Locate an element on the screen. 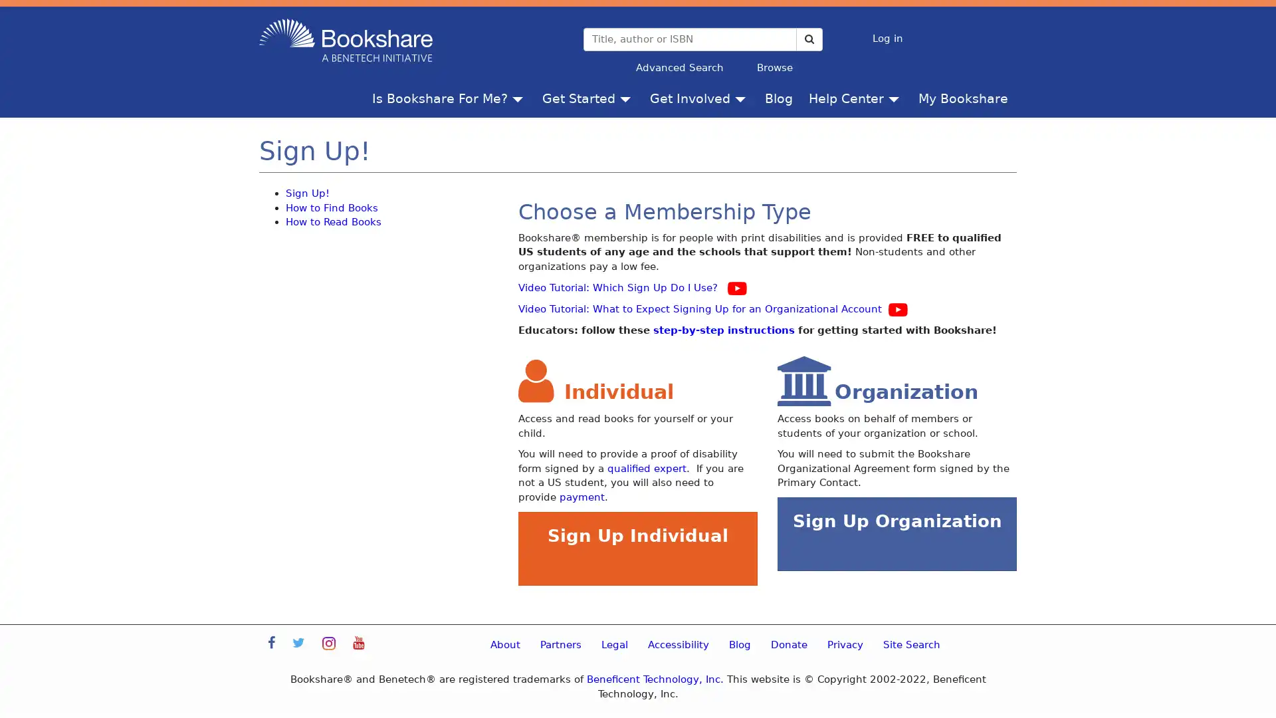  Search is located at coordinates (808, 38).